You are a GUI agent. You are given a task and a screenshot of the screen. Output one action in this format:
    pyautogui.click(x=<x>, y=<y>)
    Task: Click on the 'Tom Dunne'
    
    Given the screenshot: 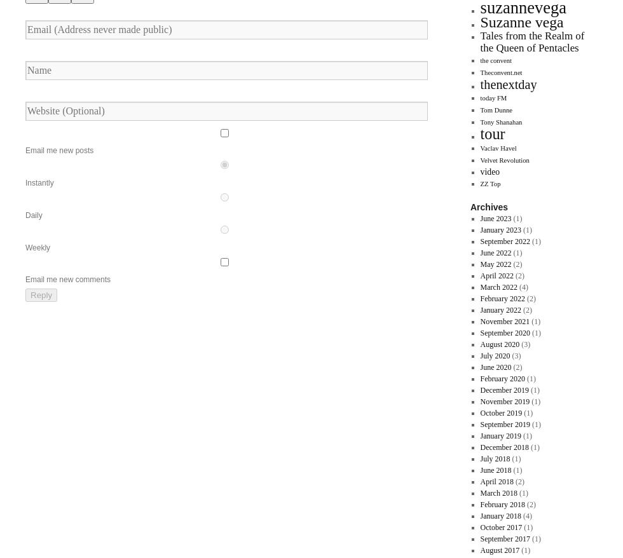 What is the action you would take?
    pyautogui.click(x=496, y=110)
    